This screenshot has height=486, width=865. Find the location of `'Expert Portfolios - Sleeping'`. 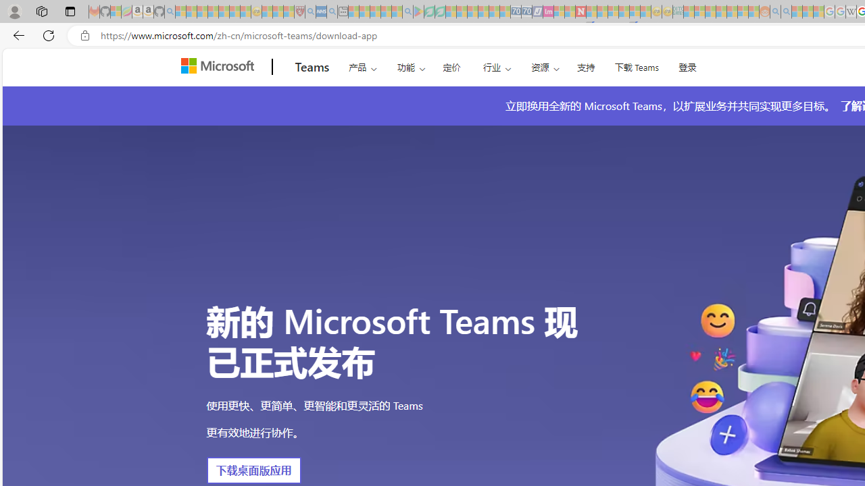

'Expert Portfolios - Sleeping' is located at coordinates (720, 11).